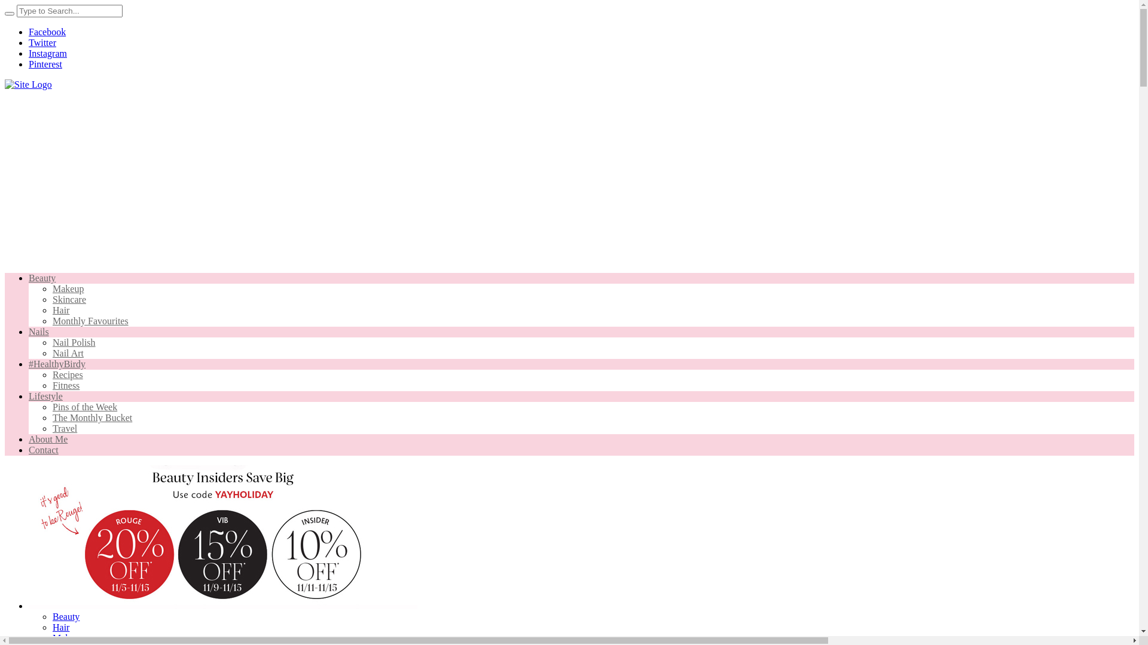  Describe the element at coordinates (43, 450) in the screenshot. I see `'Contact'` at that location.